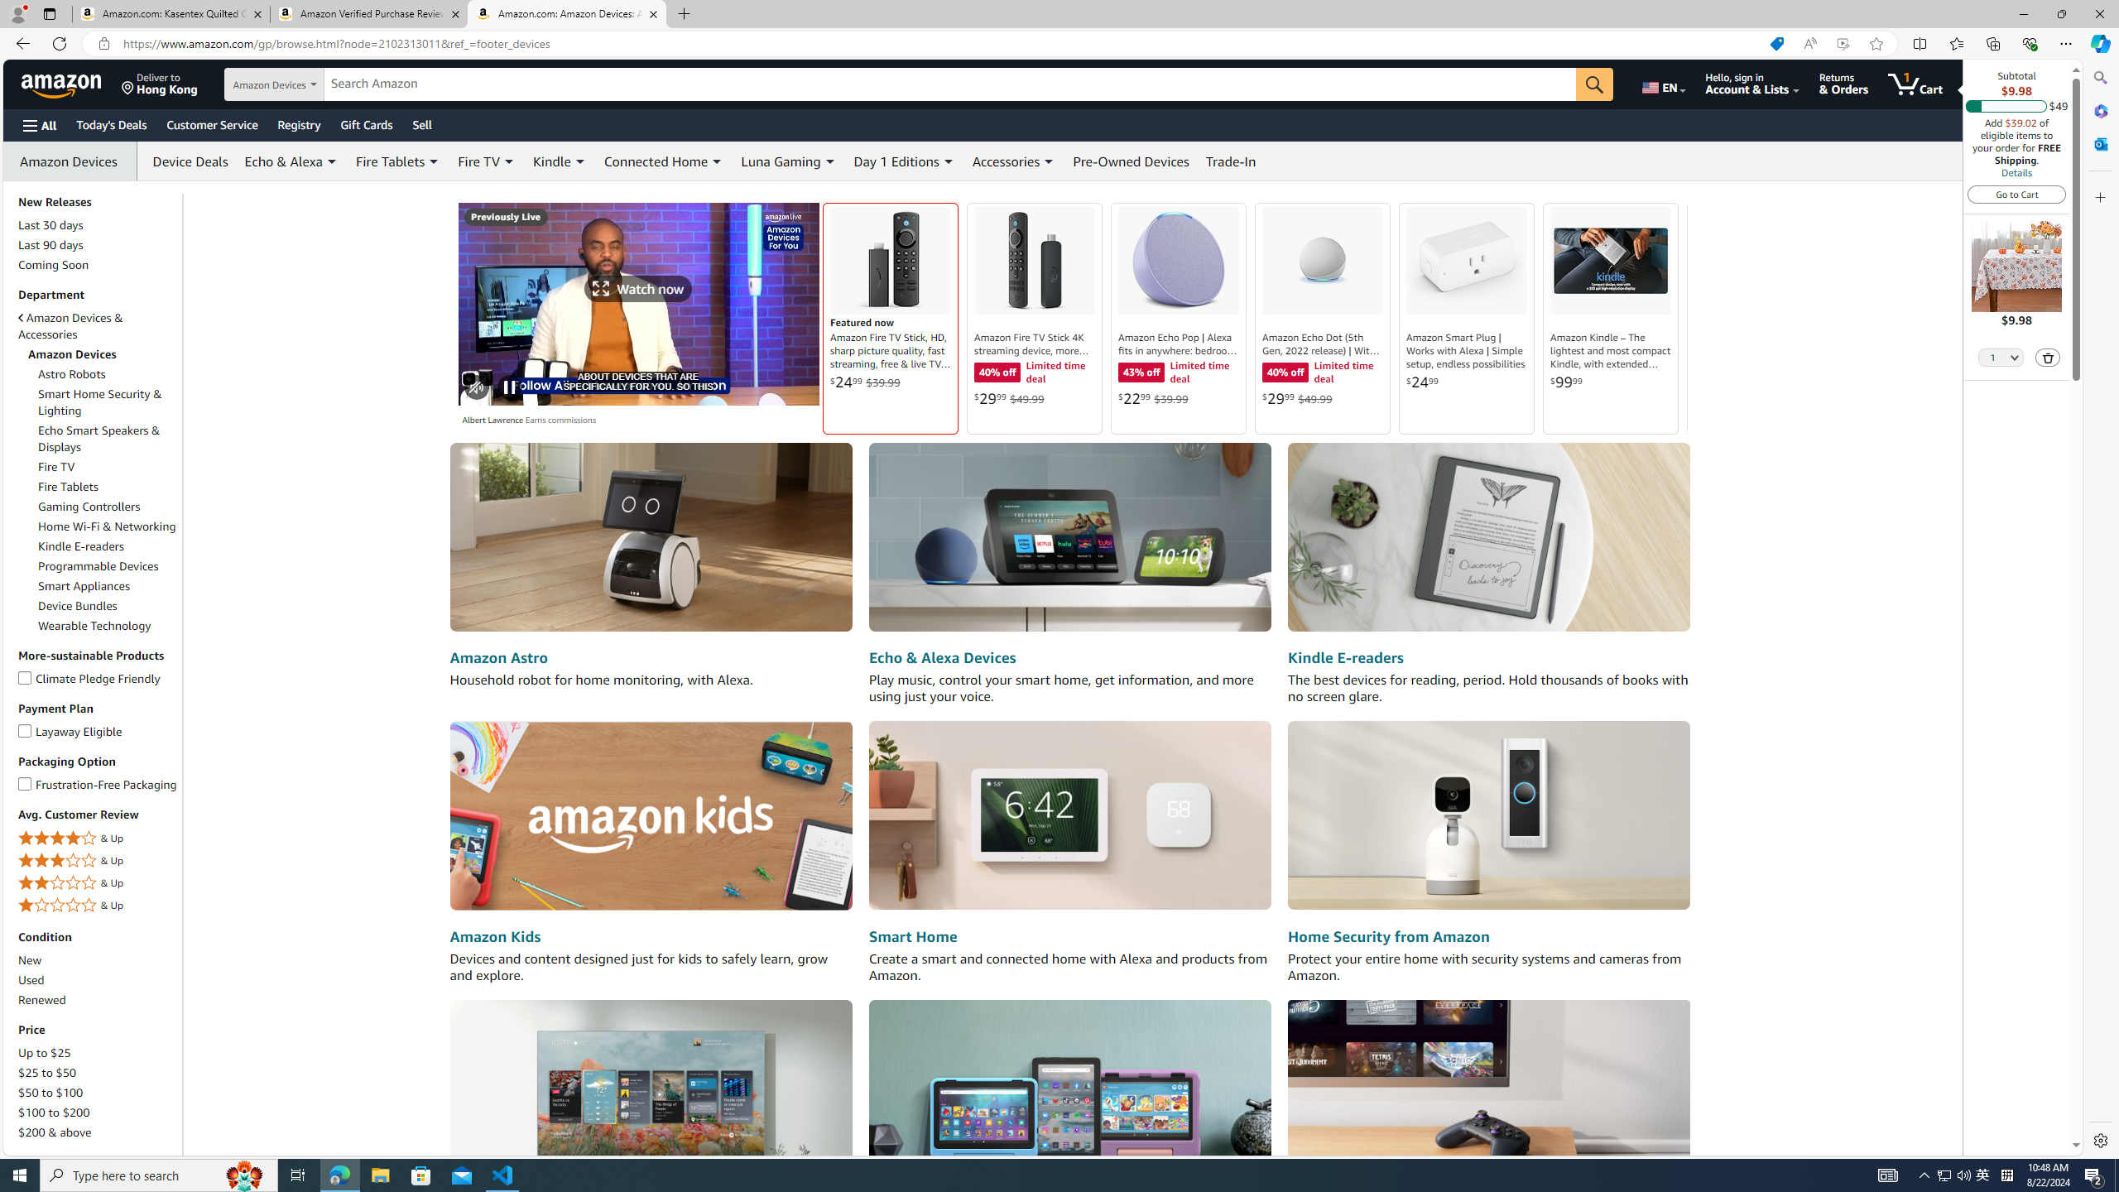 This screenshot has height=1192, width=2119. Describe the element at coordinates (948, 161) in the screenshot. I see `'Expand Day 1 Editions'` at that location.